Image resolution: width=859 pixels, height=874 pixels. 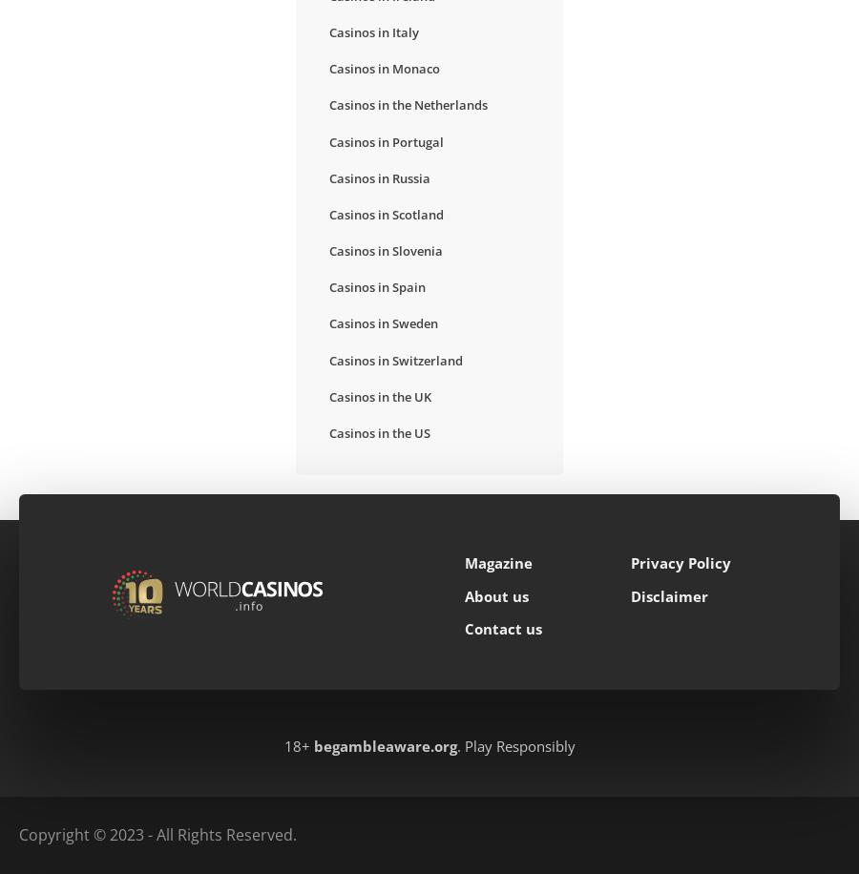 What do you see at coordinates (328, 431) in the screenshot?
I see `'Casinos in the US'` at bounding box center [328, 431].